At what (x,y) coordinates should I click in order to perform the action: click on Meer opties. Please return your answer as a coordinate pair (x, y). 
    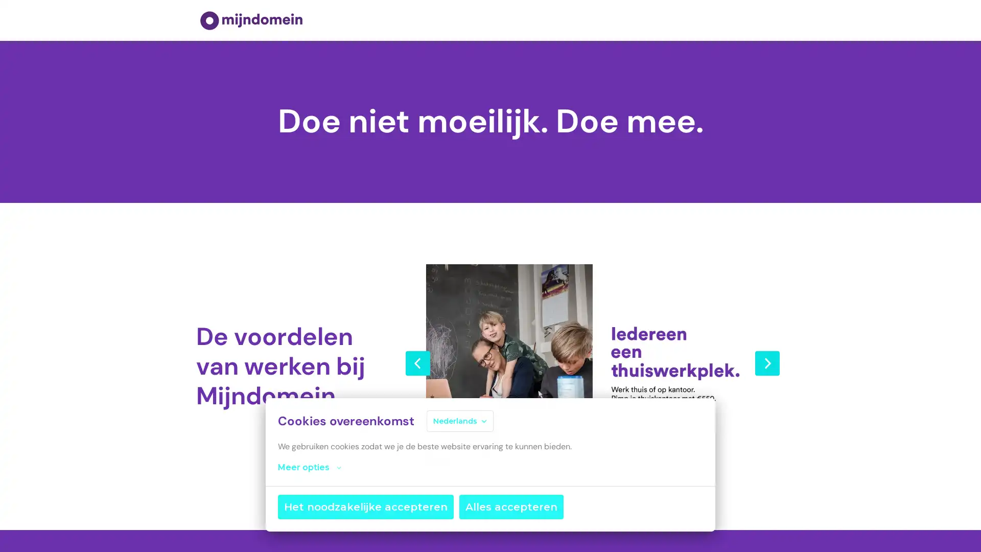
    Looking at the image, I should click on (309, 467).